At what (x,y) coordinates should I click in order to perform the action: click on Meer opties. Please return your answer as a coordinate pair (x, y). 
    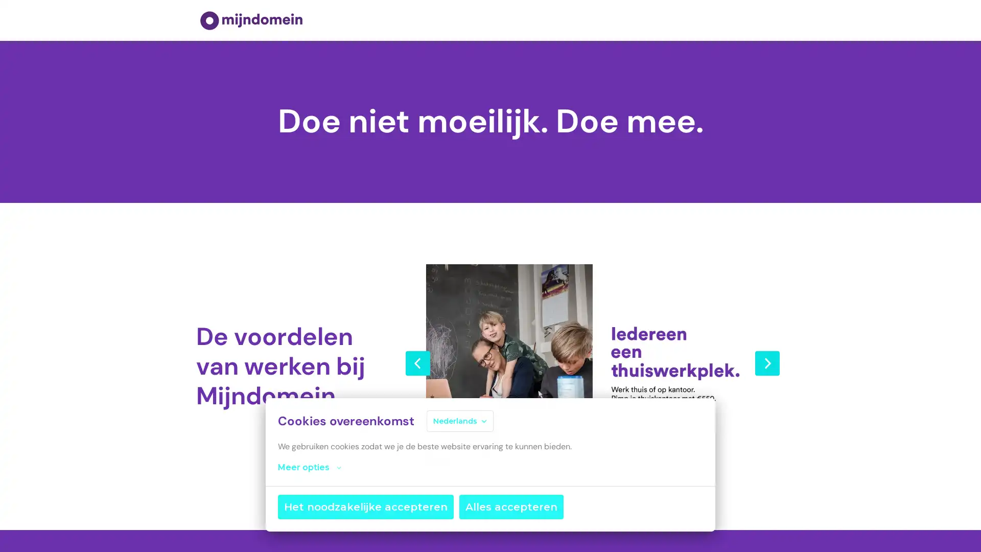
    Looking at the image, I should click on (309, 467).